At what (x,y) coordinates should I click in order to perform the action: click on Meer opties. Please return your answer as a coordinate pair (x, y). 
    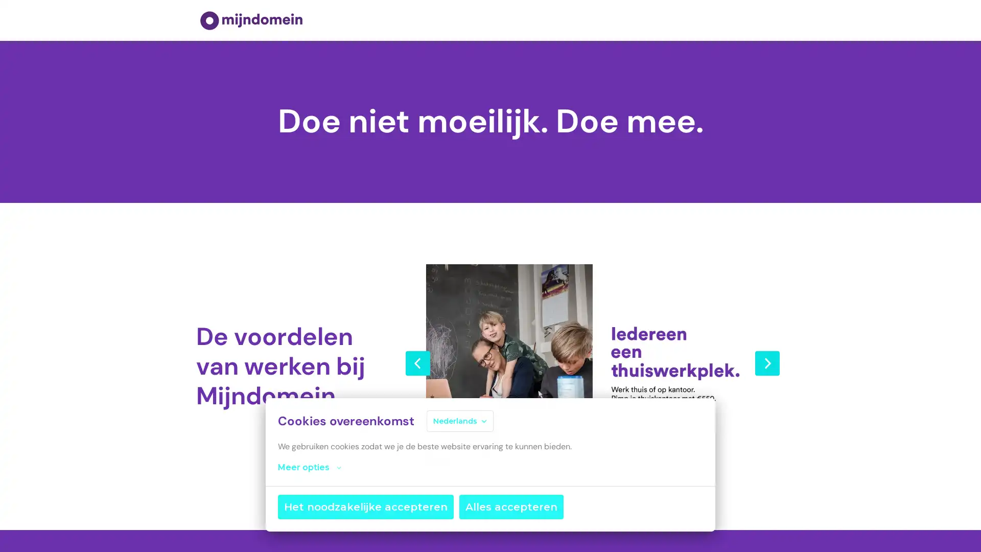
    Looking at the image, I should click on (309, 467).